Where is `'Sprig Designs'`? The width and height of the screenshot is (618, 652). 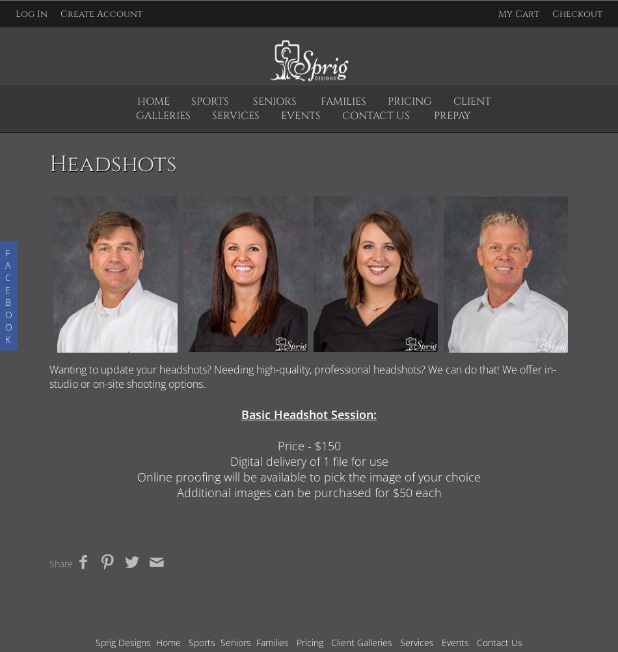 'Sprig Designs' is located at coordinates (123, 642).